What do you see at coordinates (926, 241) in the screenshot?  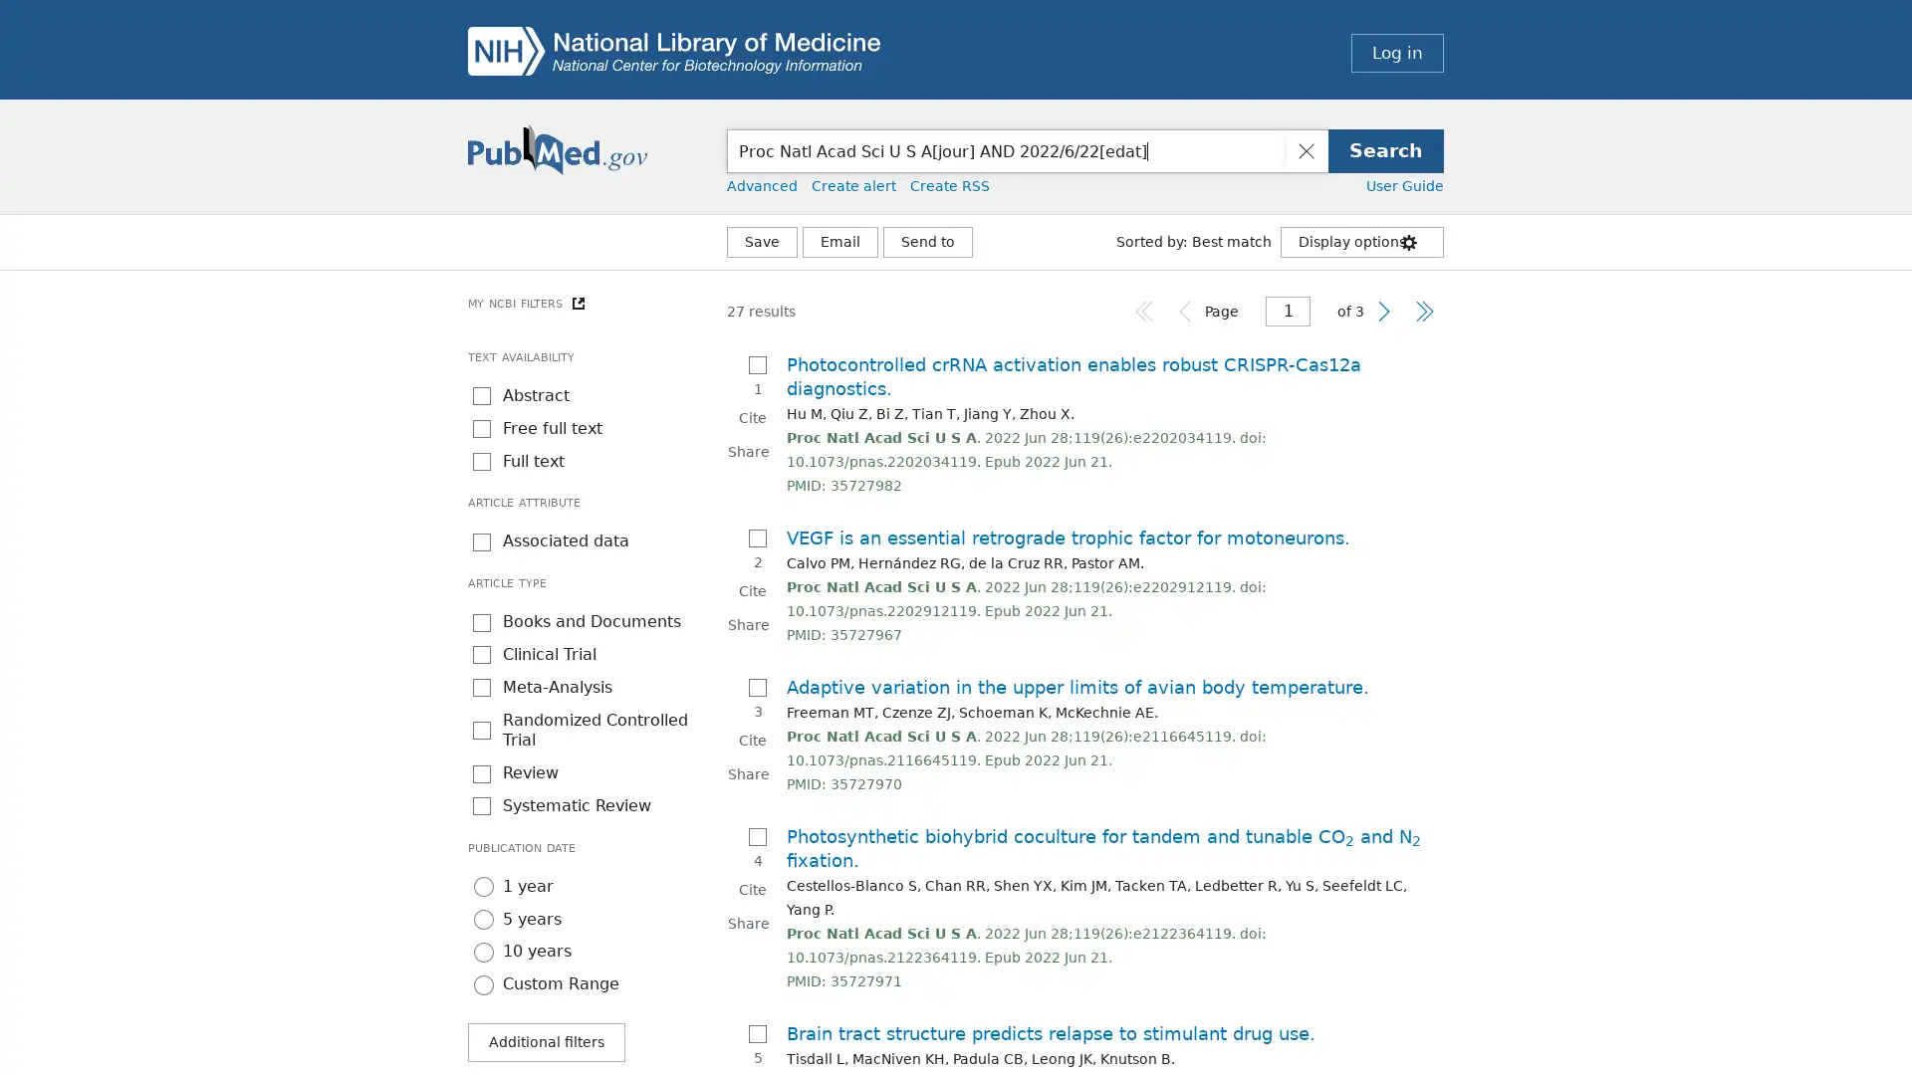 I see `More Actions` at bounding box center [926, 241].